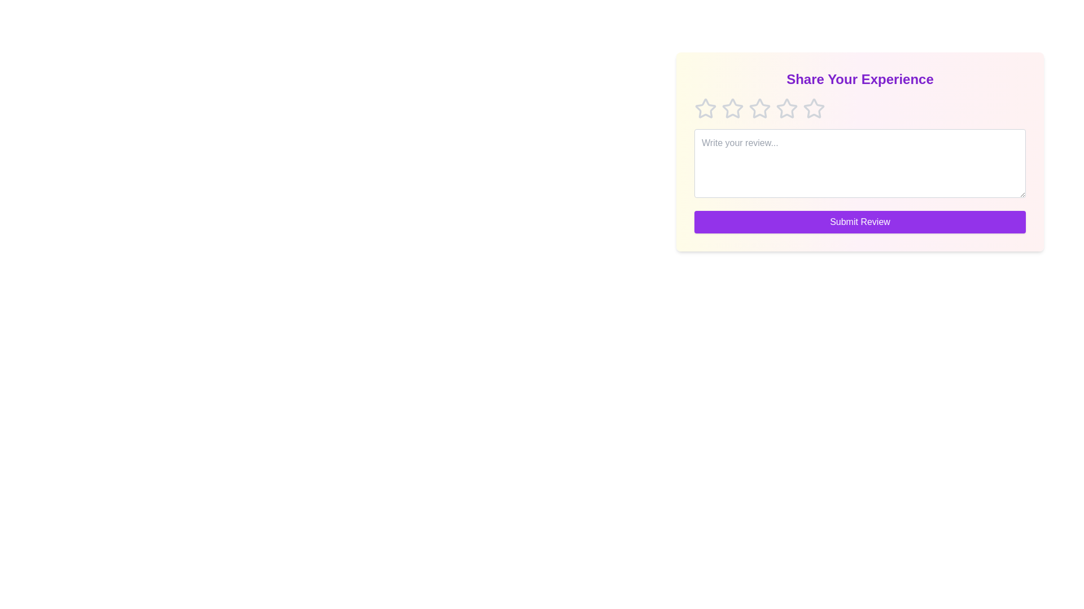  Describe the element at coordinates (732, 108) in the screenshot. I see `the star corresponding to 2 to preview the rating` at that location.